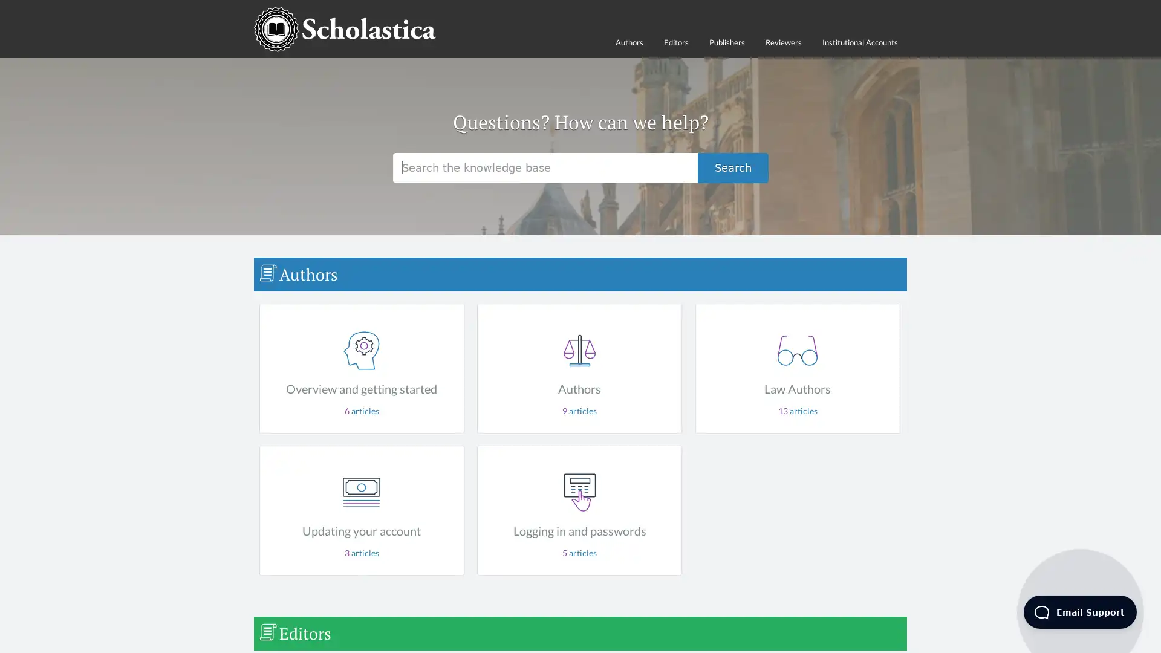  What do you see at coordinates (732, 167) in the screenshot?
I see `Search` at bounding box center [732, 167].